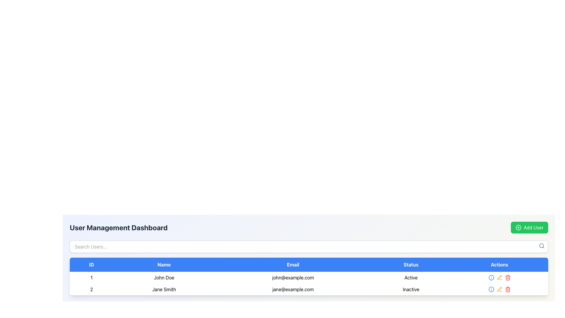  I want to click on to select the first user's information row in the user management table located beneath the 'User Management Dashboard' header, so click(309, 277).